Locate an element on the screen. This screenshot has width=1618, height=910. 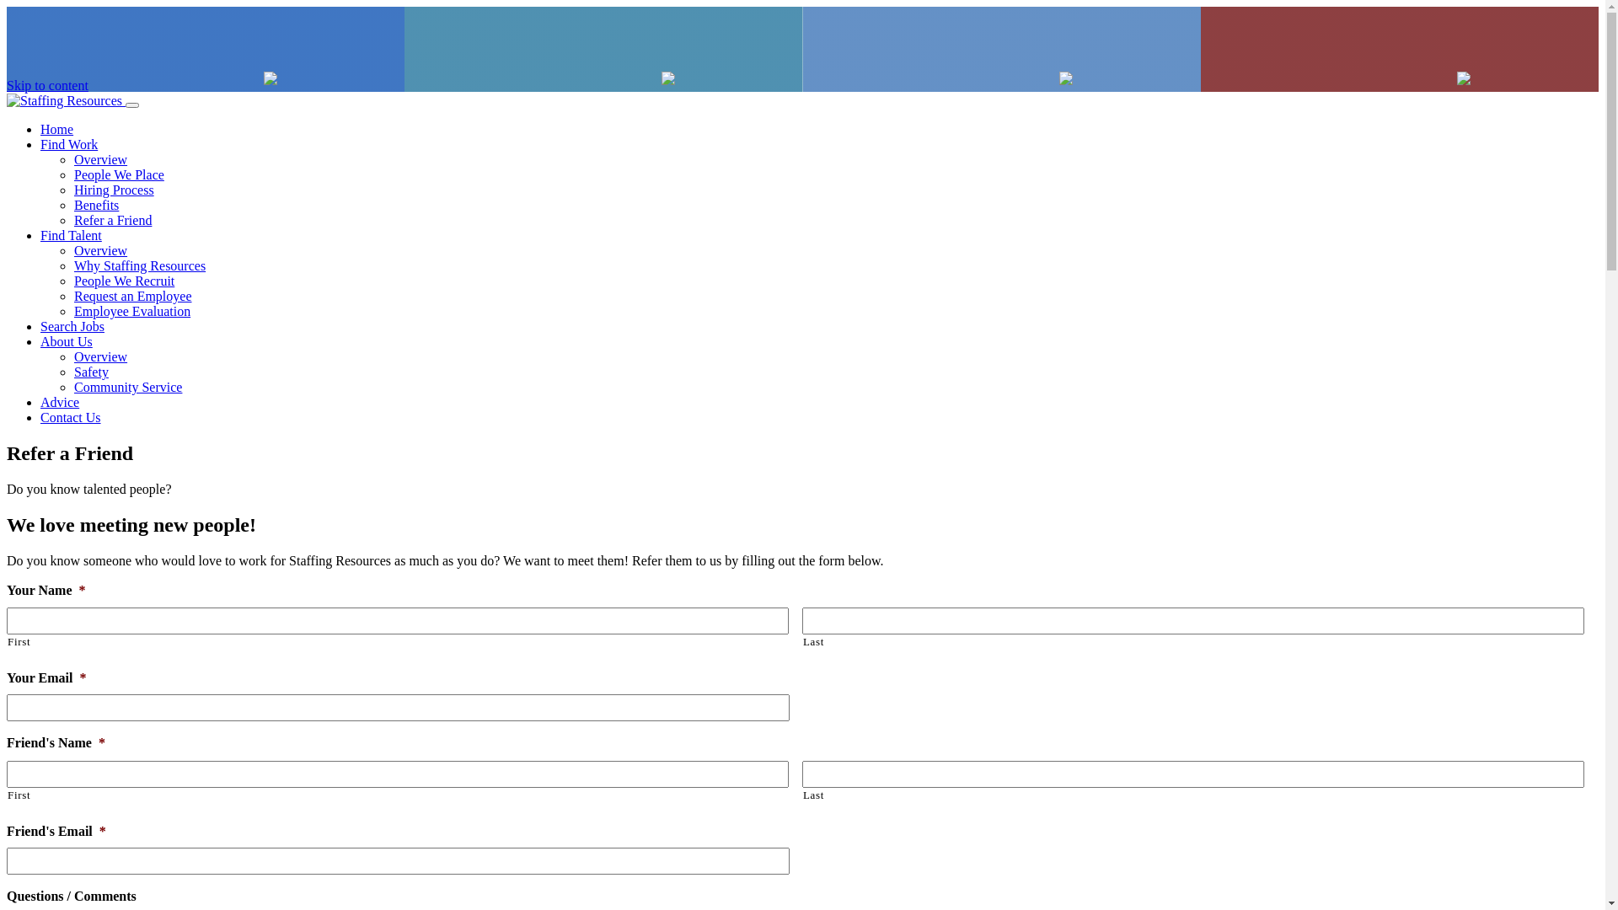
'Request an Employee' is located at coordinates (132, 295).